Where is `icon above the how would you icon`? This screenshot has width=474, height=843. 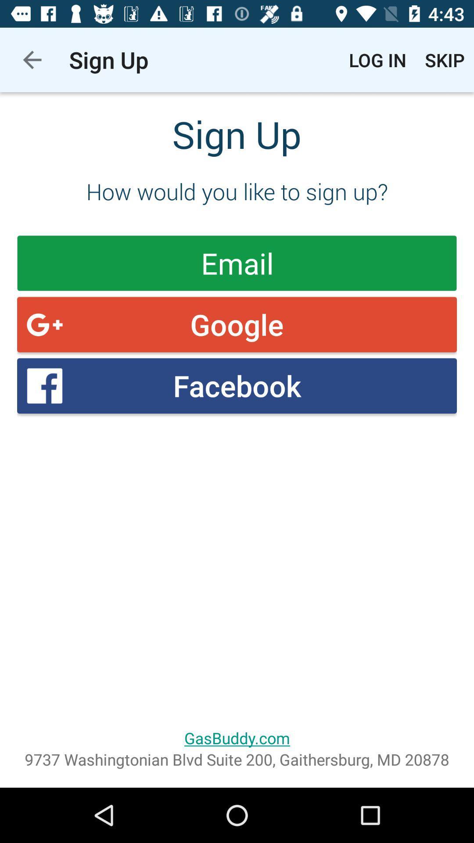
icon above the how would you icon is located at coordinates (32, 59).